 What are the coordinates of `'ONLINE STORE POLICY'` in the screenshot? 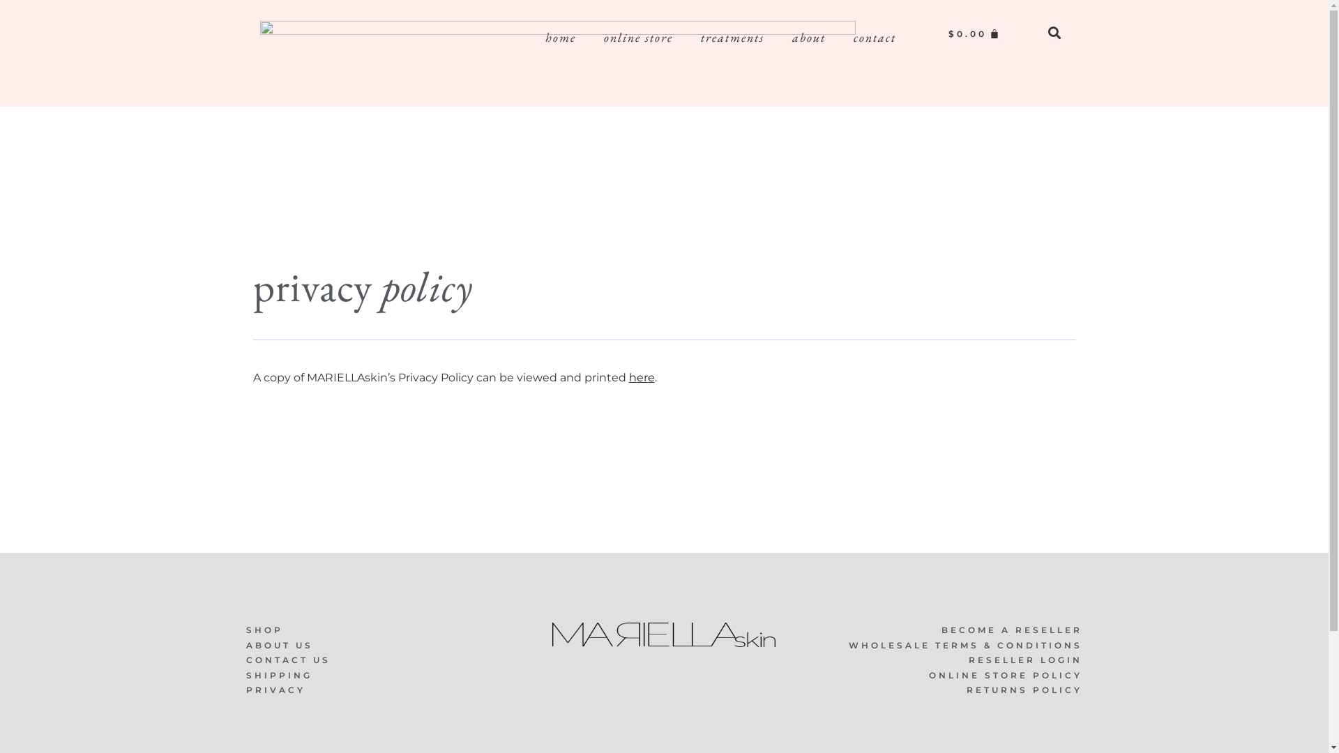 It's located at (943, 674).